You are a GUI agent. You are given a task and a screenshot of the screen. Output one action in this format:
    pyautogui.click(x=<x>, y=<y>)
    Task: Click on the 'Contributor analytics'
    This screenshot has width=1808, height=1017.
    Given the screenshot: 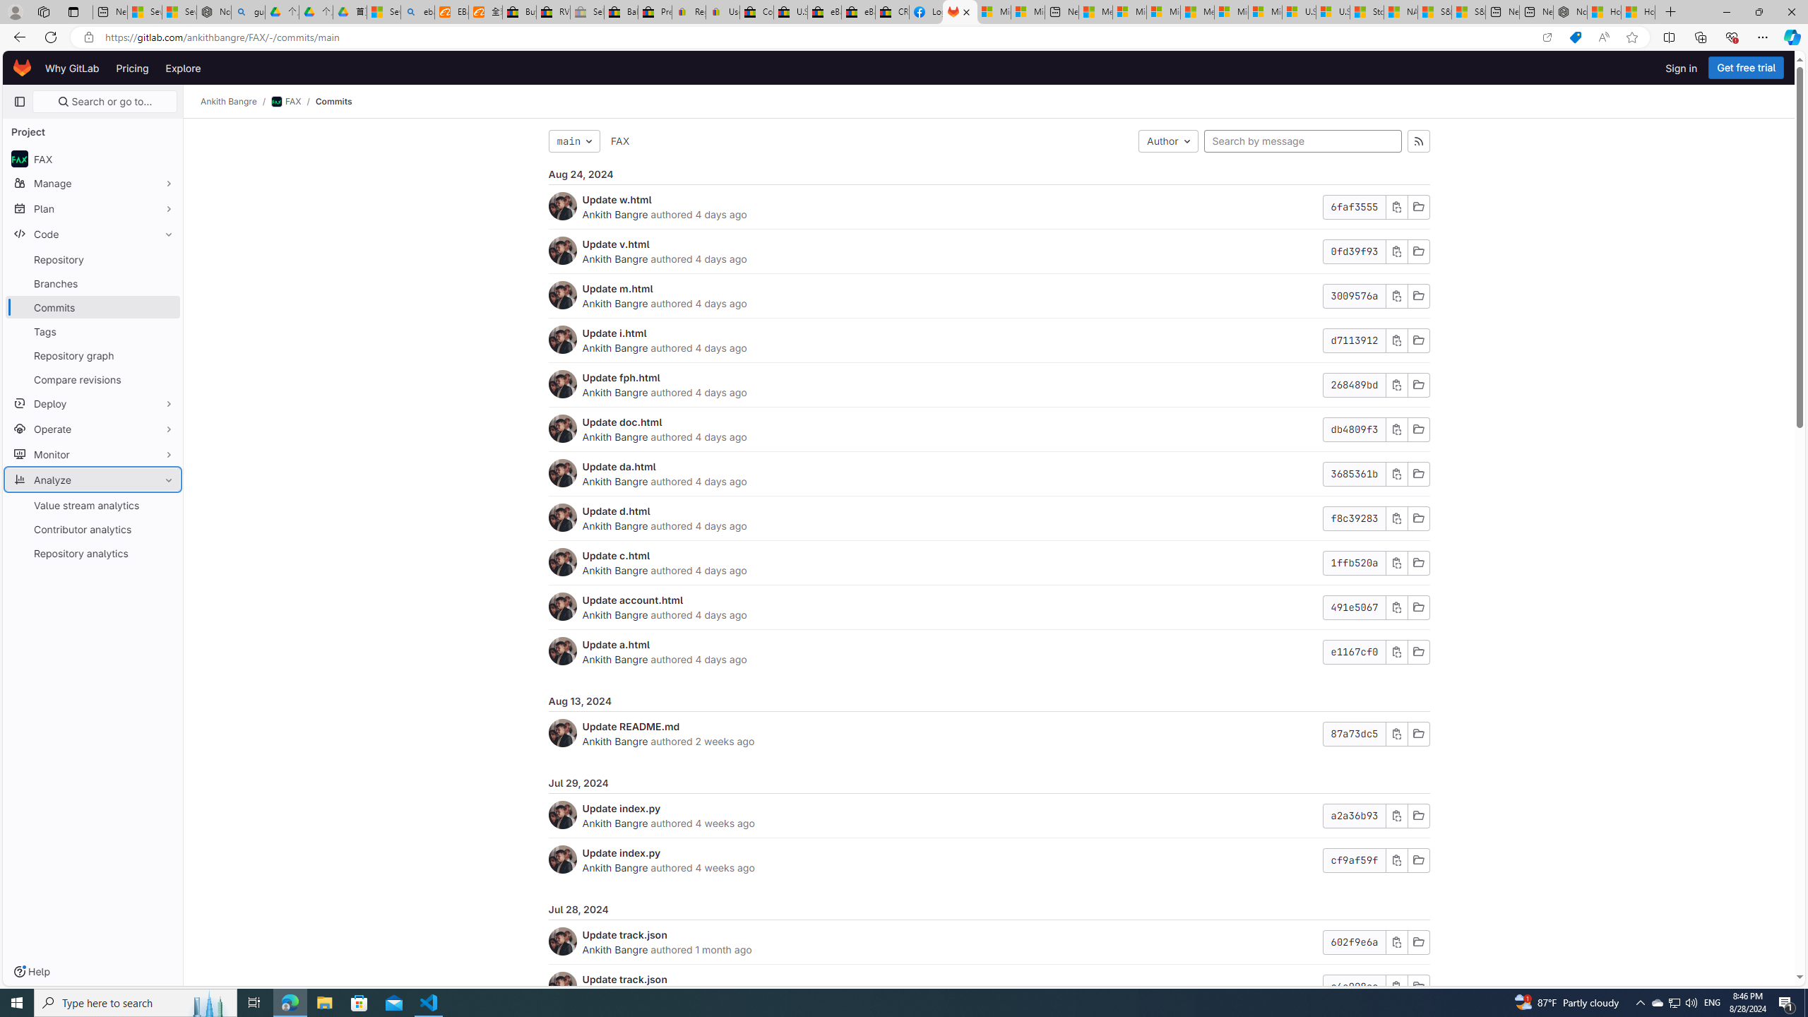 What is the action you would take?
    pyautogui.click(x=92, y=528)
    